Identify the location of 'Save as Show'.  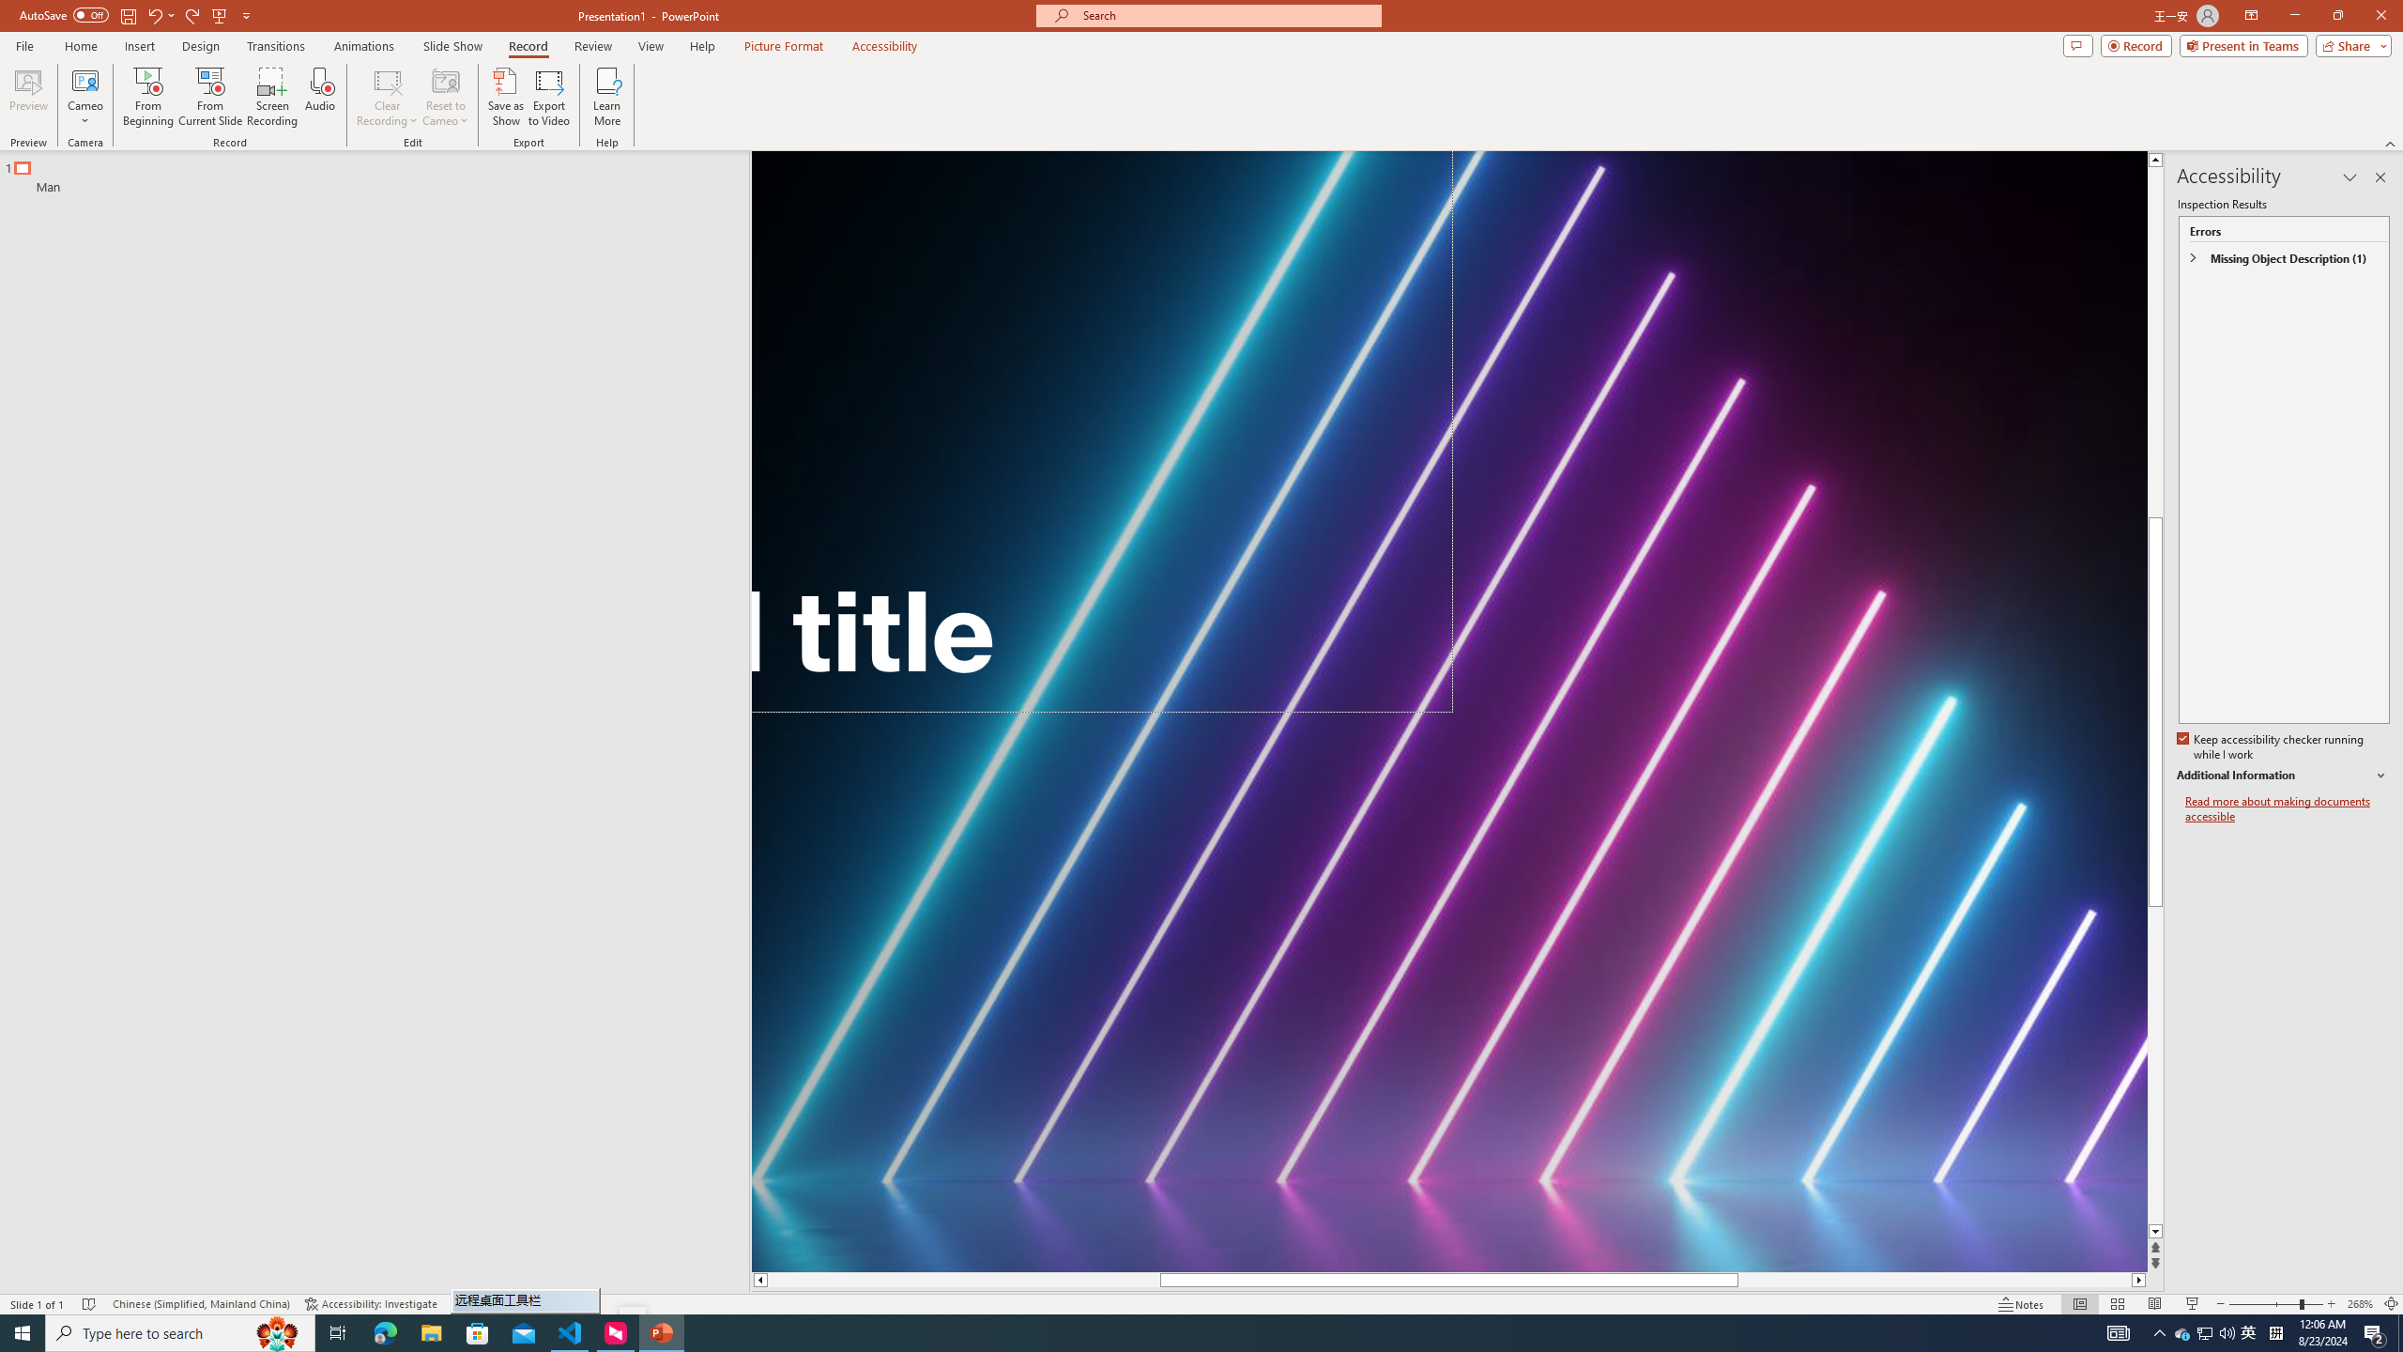
(505, 97).